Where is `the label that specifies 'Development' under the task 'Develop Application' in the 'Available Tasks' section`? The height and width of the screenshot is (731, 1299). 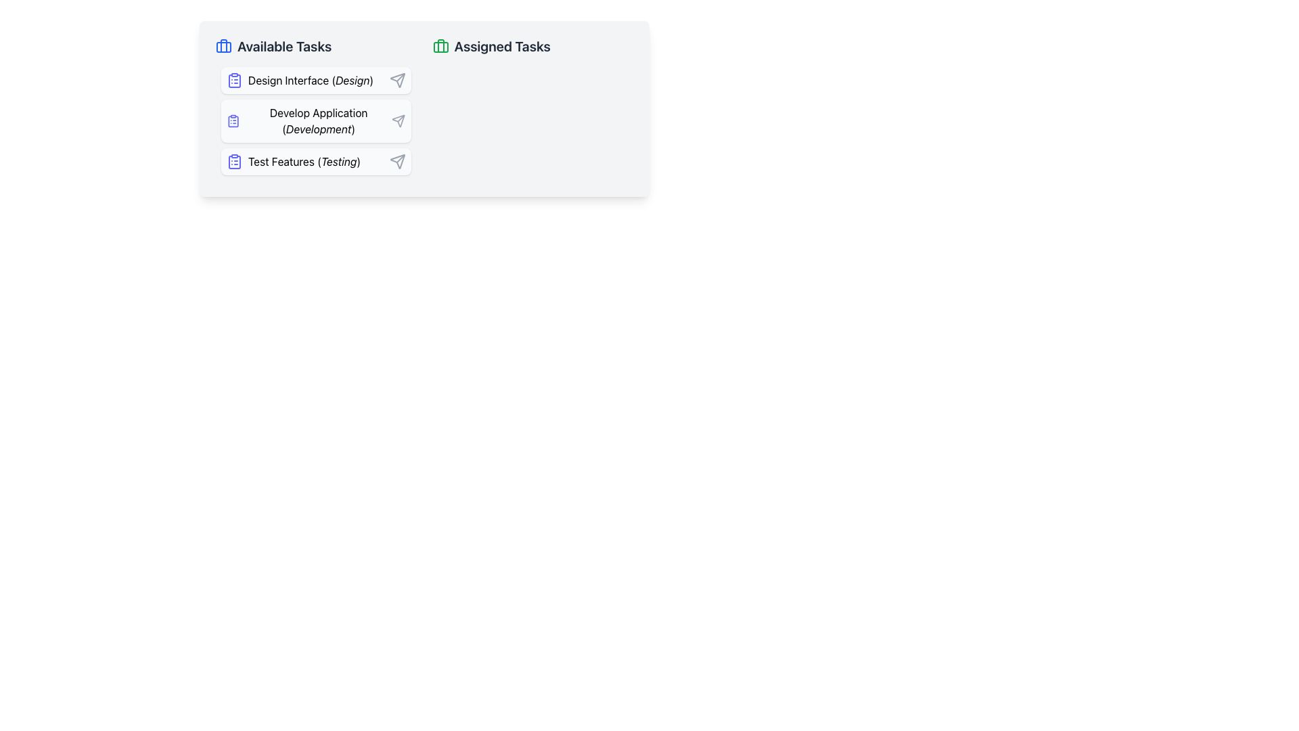
the label that specifies 'Development' under the task 'Develop Application' in the 'Available Tasks' section is located at coordinates (318, 129).